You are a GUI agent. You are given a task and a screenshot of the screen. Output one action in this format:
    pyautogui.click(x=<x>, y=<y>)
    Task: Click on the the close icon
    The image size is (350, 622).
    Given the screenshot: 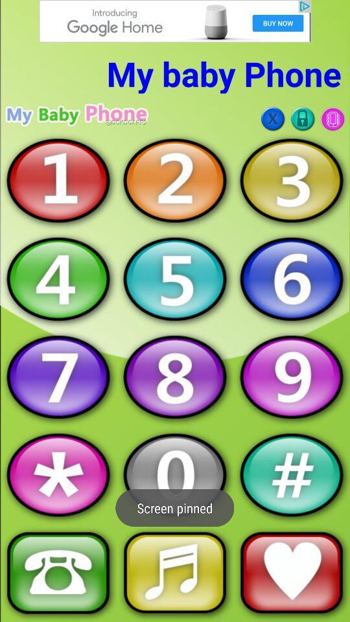 What is the action you would take?
    pyautogui.click(x=272, y=119)
    